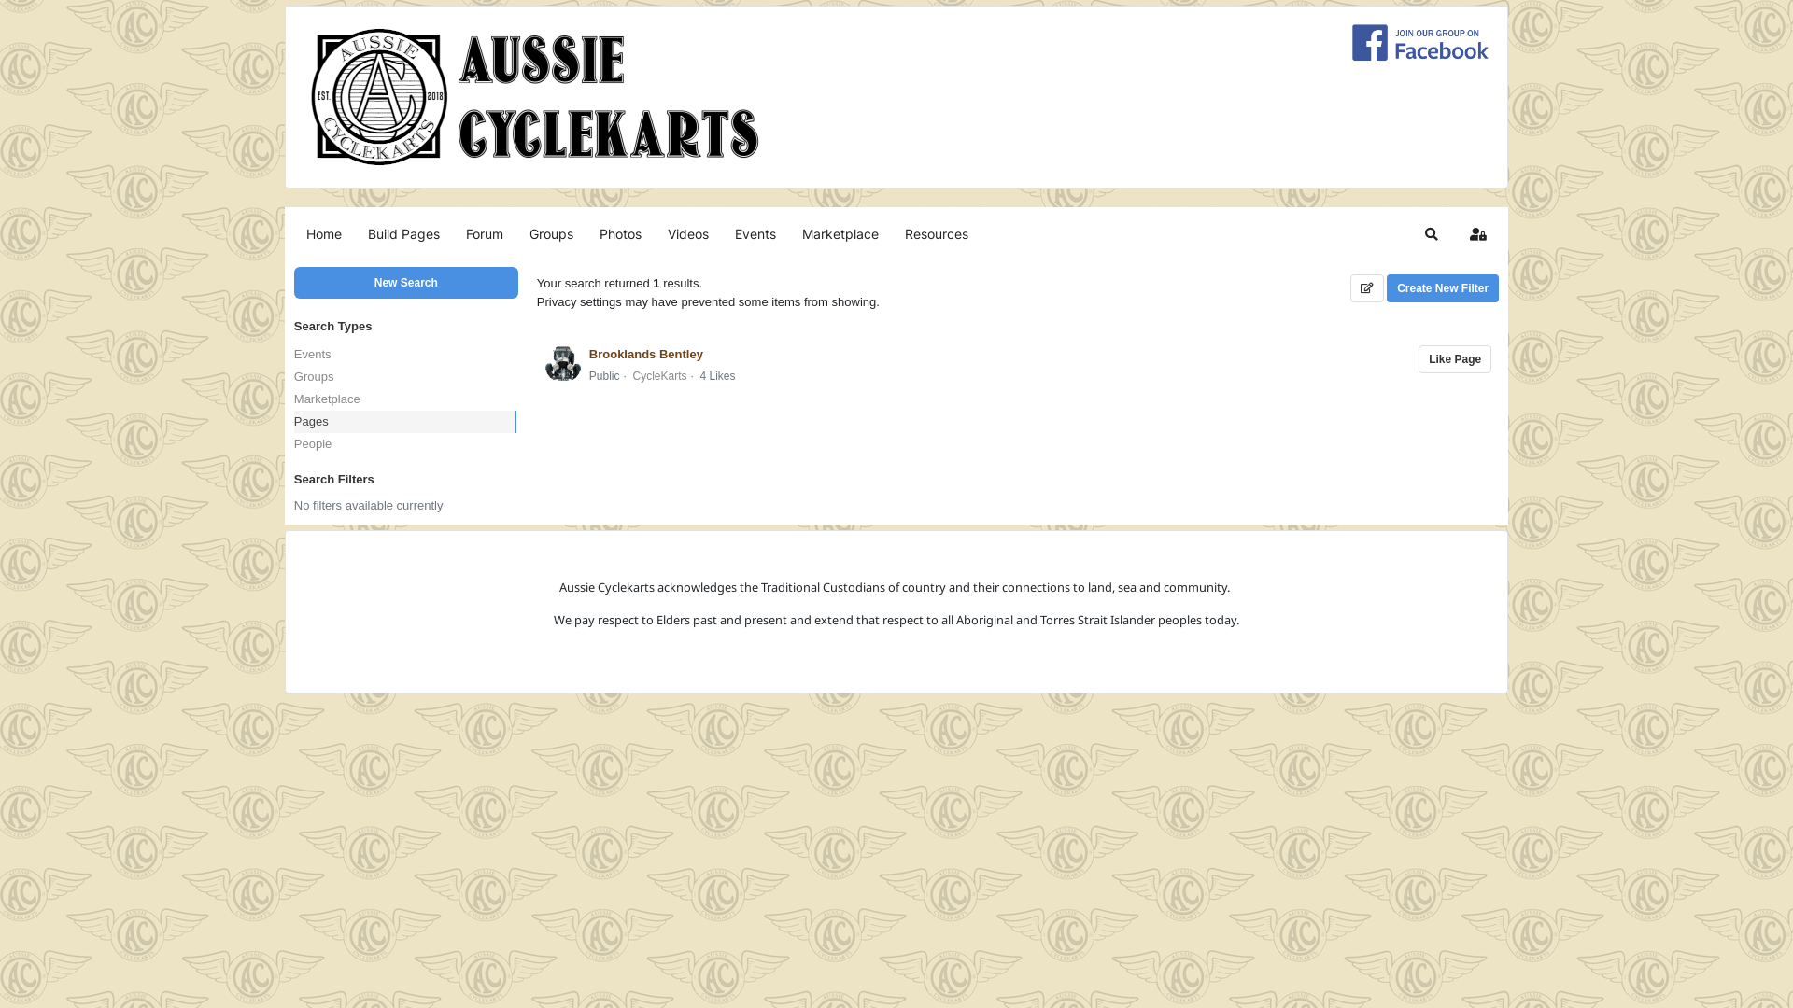 This screenshot has width=1793, height=1008. I want to click on 'People', so click(293, 443).